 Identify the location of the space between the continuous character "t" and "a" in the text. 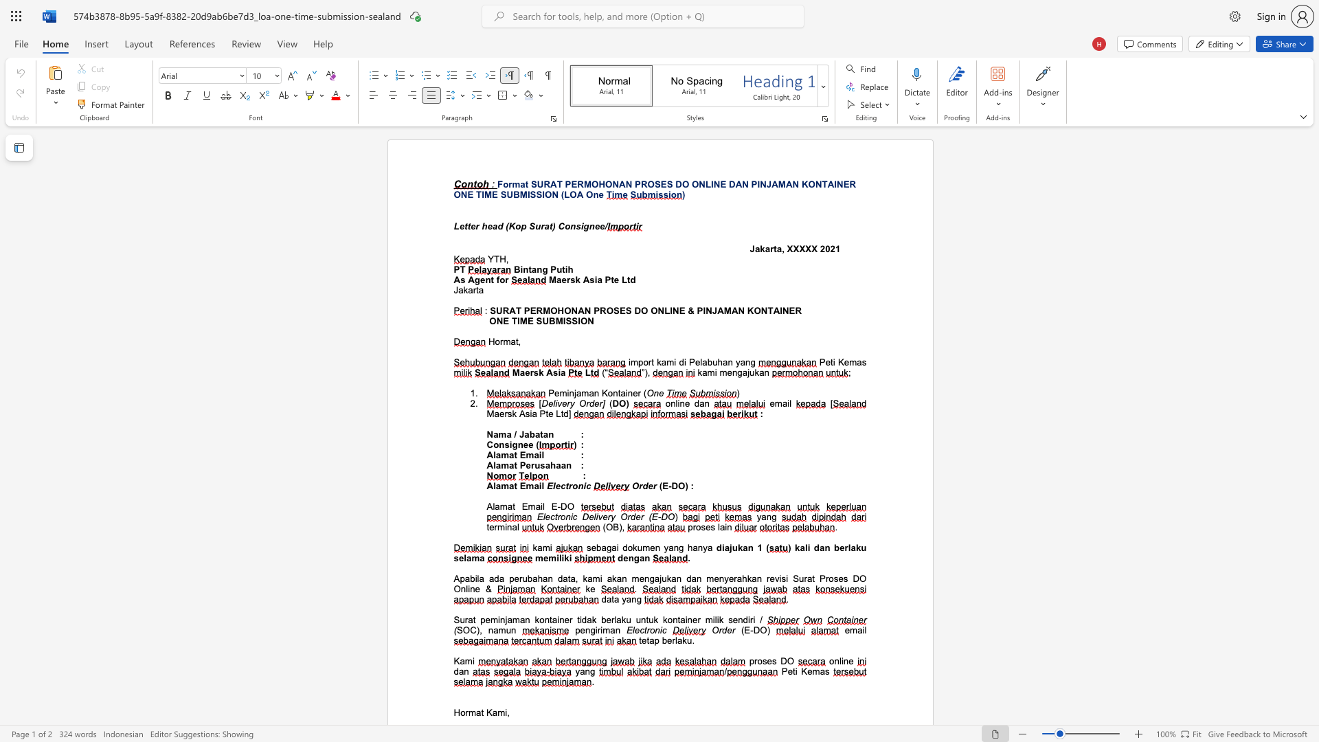
(613, 598).